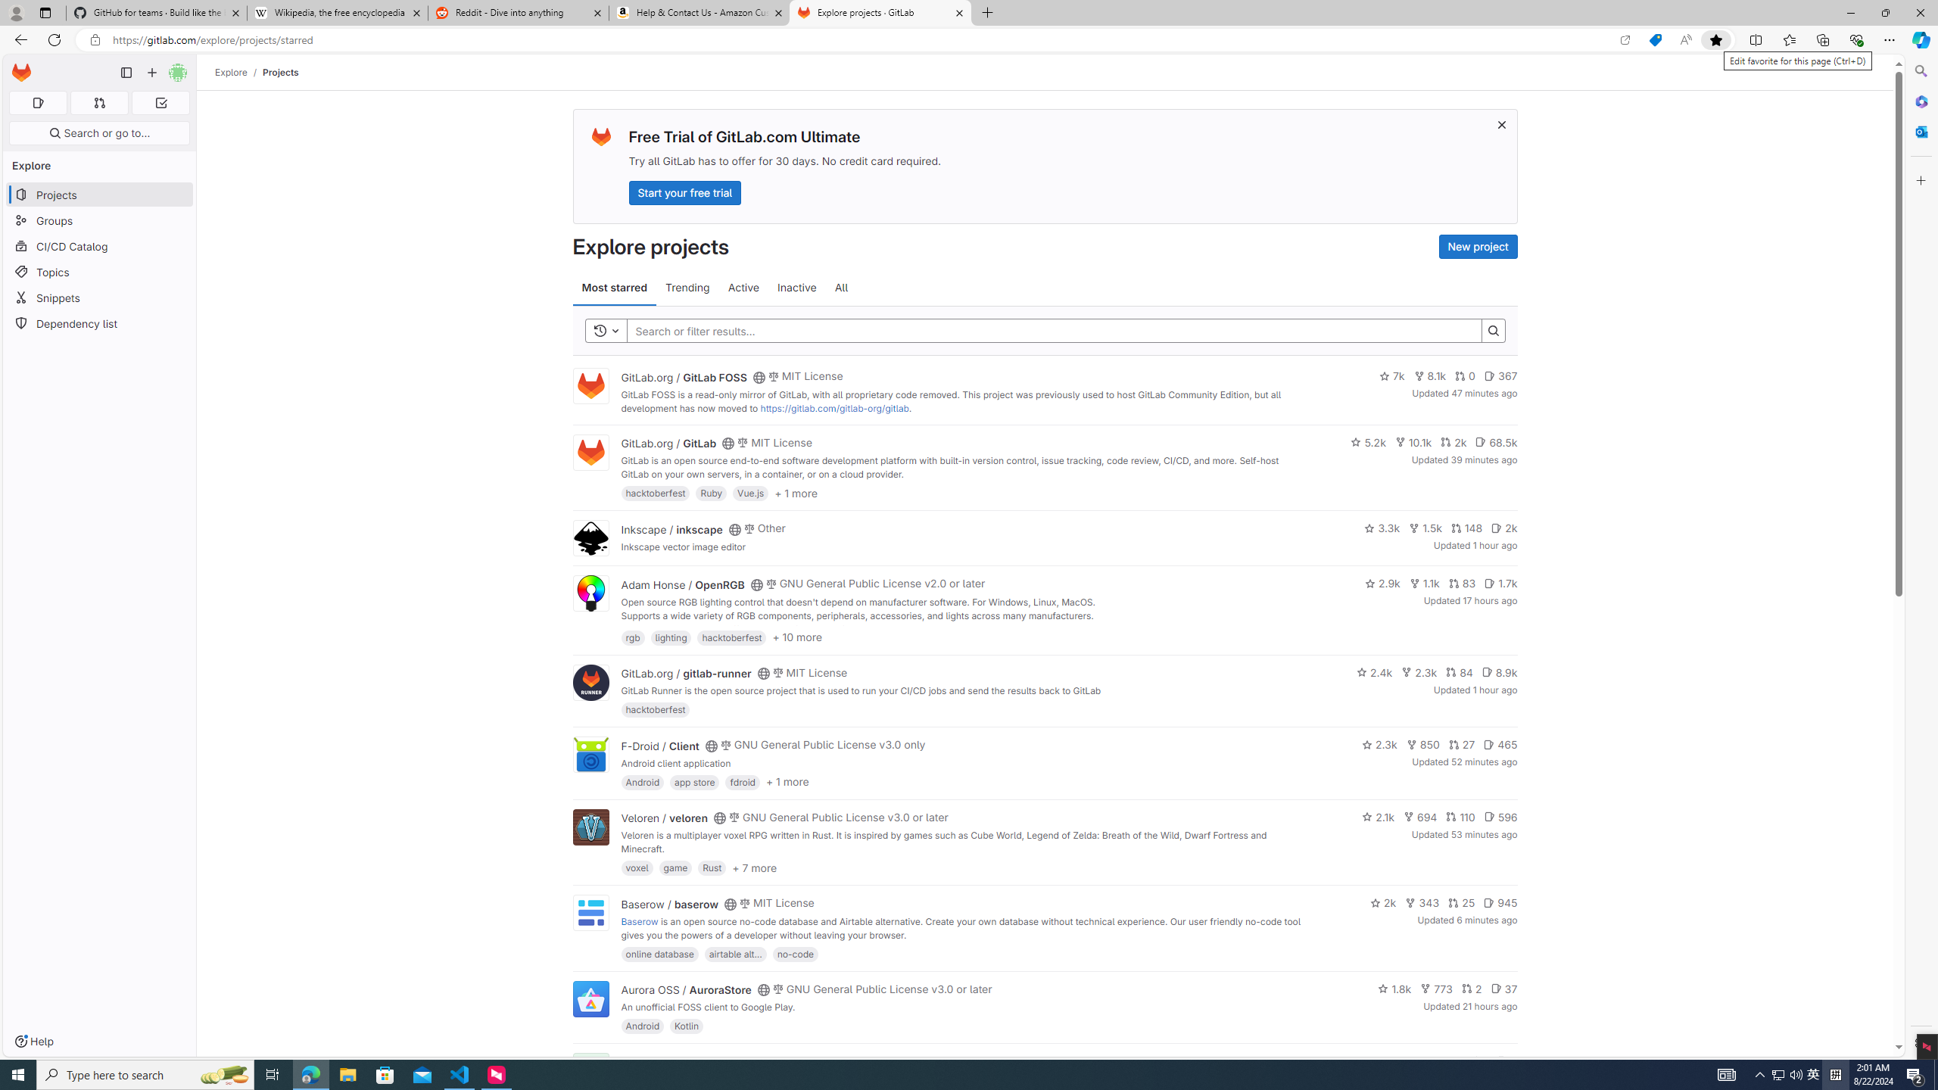 The image size is (1938, 1090). What do you see at coordinates (1382, 902) in the screenshot?
I see `'2k'` at bounding box center [1382, 902].